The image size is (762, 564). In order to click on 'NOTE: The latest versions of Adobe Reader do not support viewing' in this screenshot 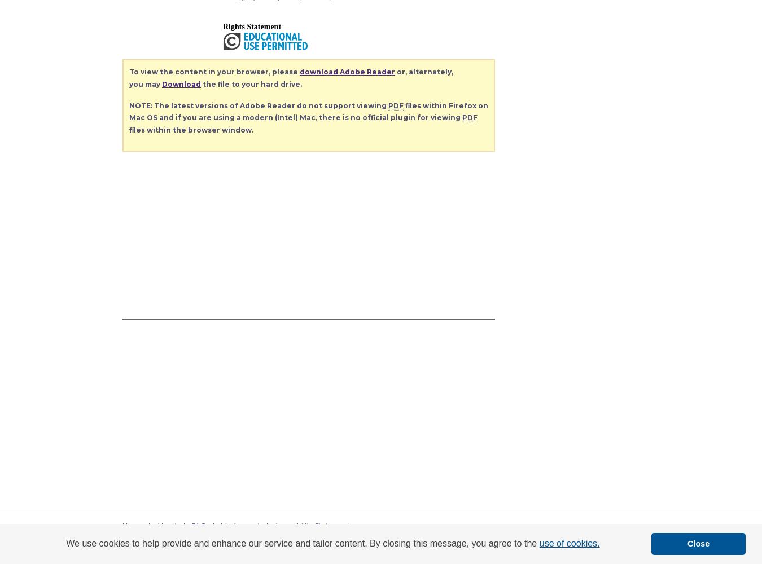, I will do `click(258, 105)`.